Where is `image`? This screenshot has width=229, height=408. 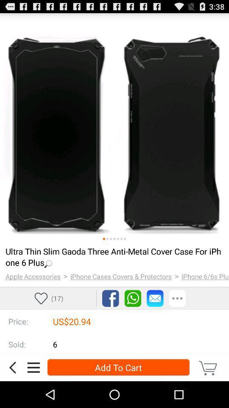 image is located at coordinates (124, 239).